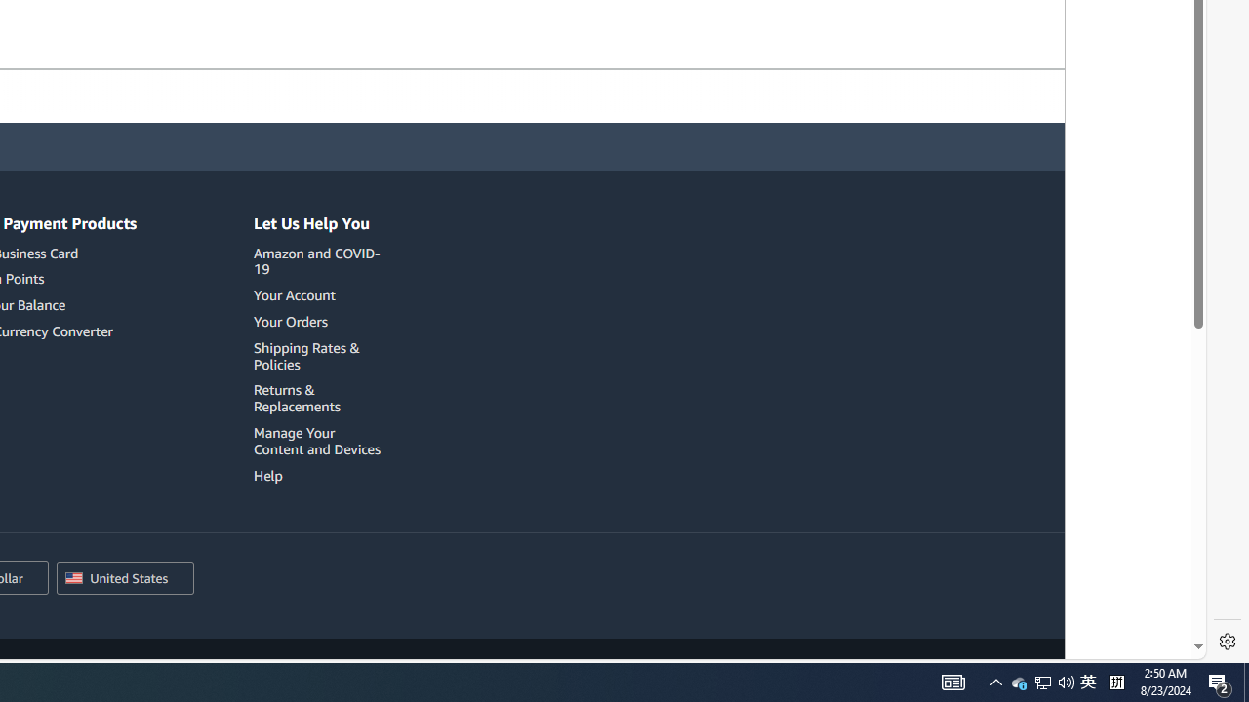 This screenshot has height=702, width=1249. What do you see at coordinates (320, 441) in the screenshot?
I see `'Manage Your Content and Devices'` at bounding box center [320, 441].